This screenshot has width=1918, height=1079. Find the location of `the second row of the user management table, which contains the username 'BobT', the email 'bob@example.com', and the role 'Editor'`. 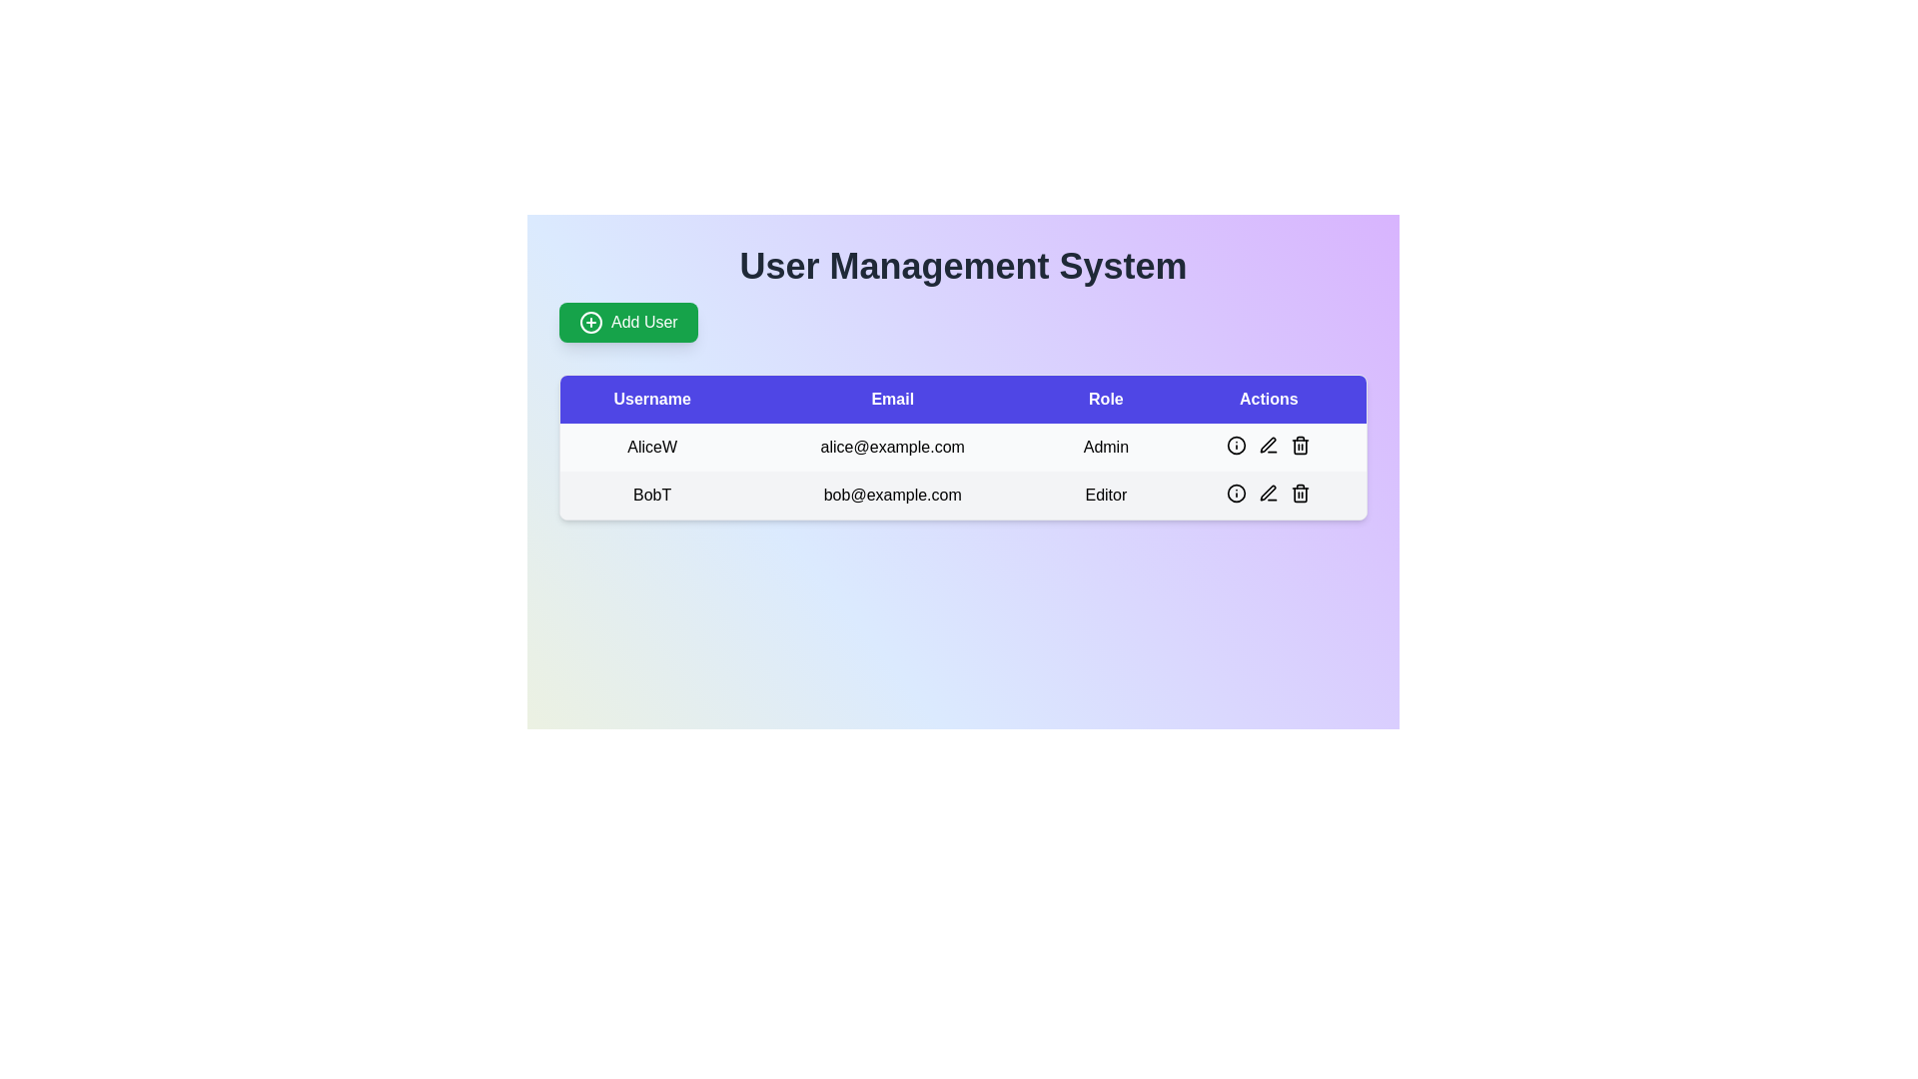

the second row of the user management table, which contains the username 'BobT', the email 'bob@example.com', and the role 'Editor' is located at coordinates (963, 495).